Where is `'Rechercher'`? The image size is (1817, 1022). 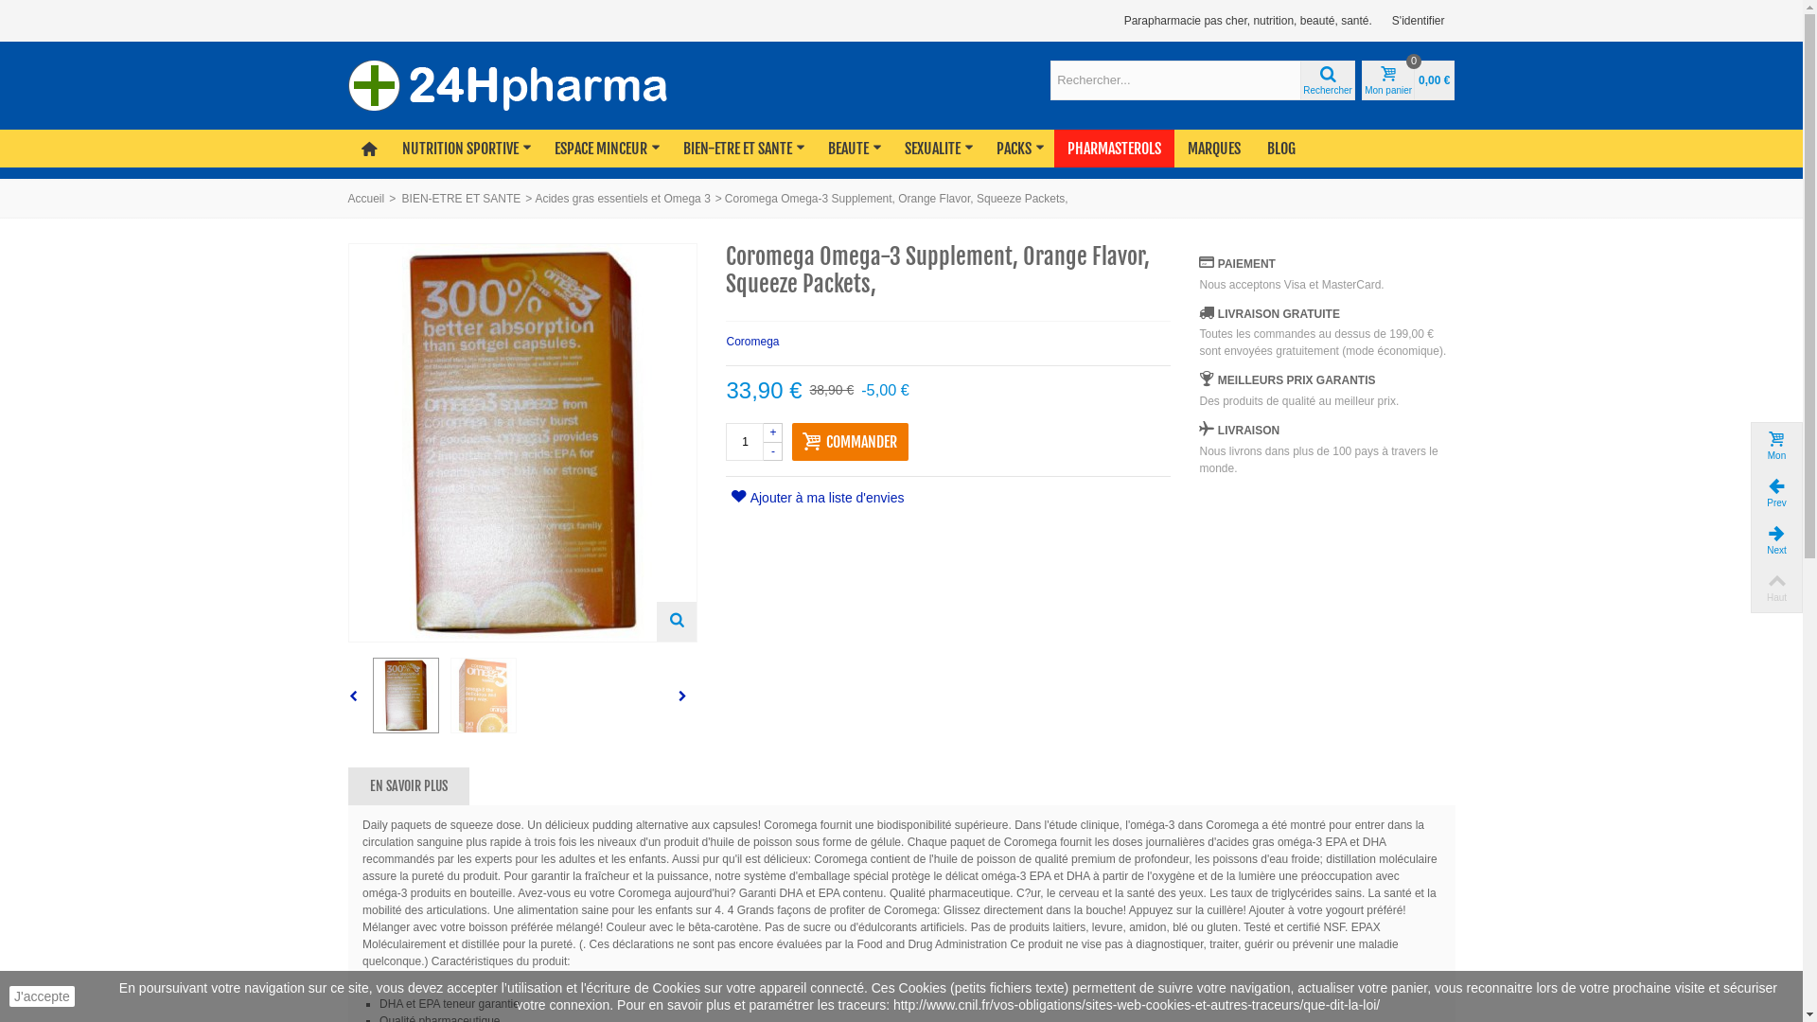
'Rechercher' is located at coordinates (1326, 79).